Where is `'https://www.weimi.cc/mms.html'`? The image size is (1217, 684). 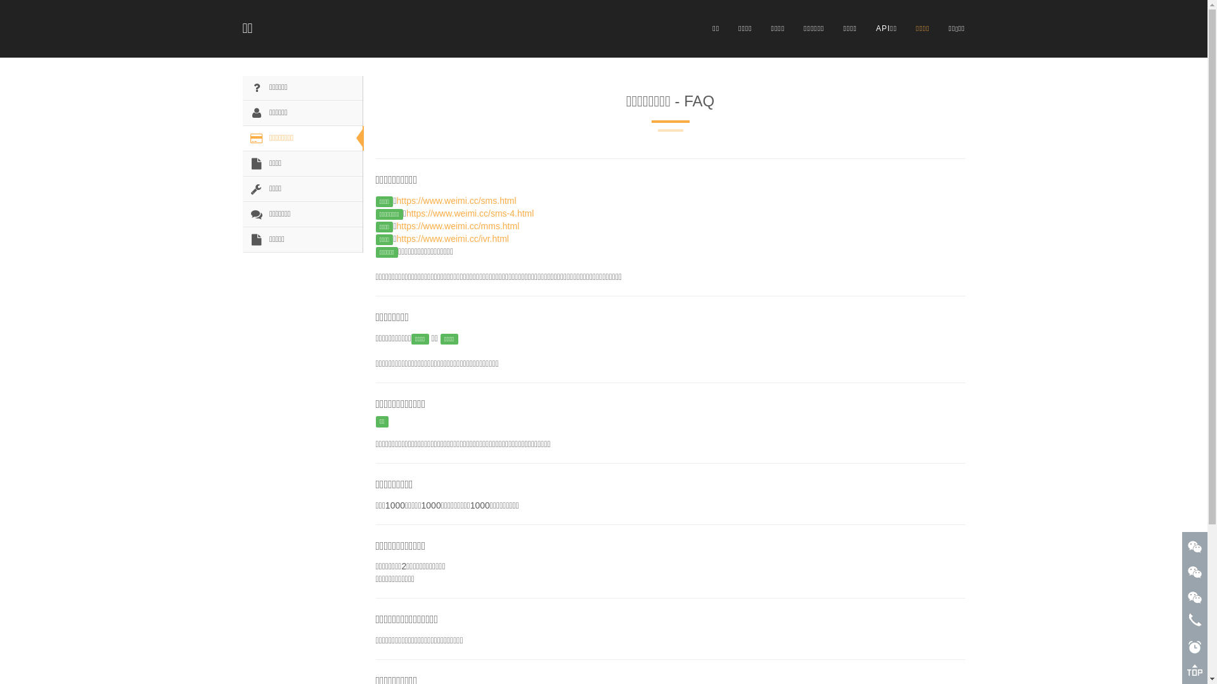 'https://www.weimi.cc/mms.html' is located at coordinates (396, 225).